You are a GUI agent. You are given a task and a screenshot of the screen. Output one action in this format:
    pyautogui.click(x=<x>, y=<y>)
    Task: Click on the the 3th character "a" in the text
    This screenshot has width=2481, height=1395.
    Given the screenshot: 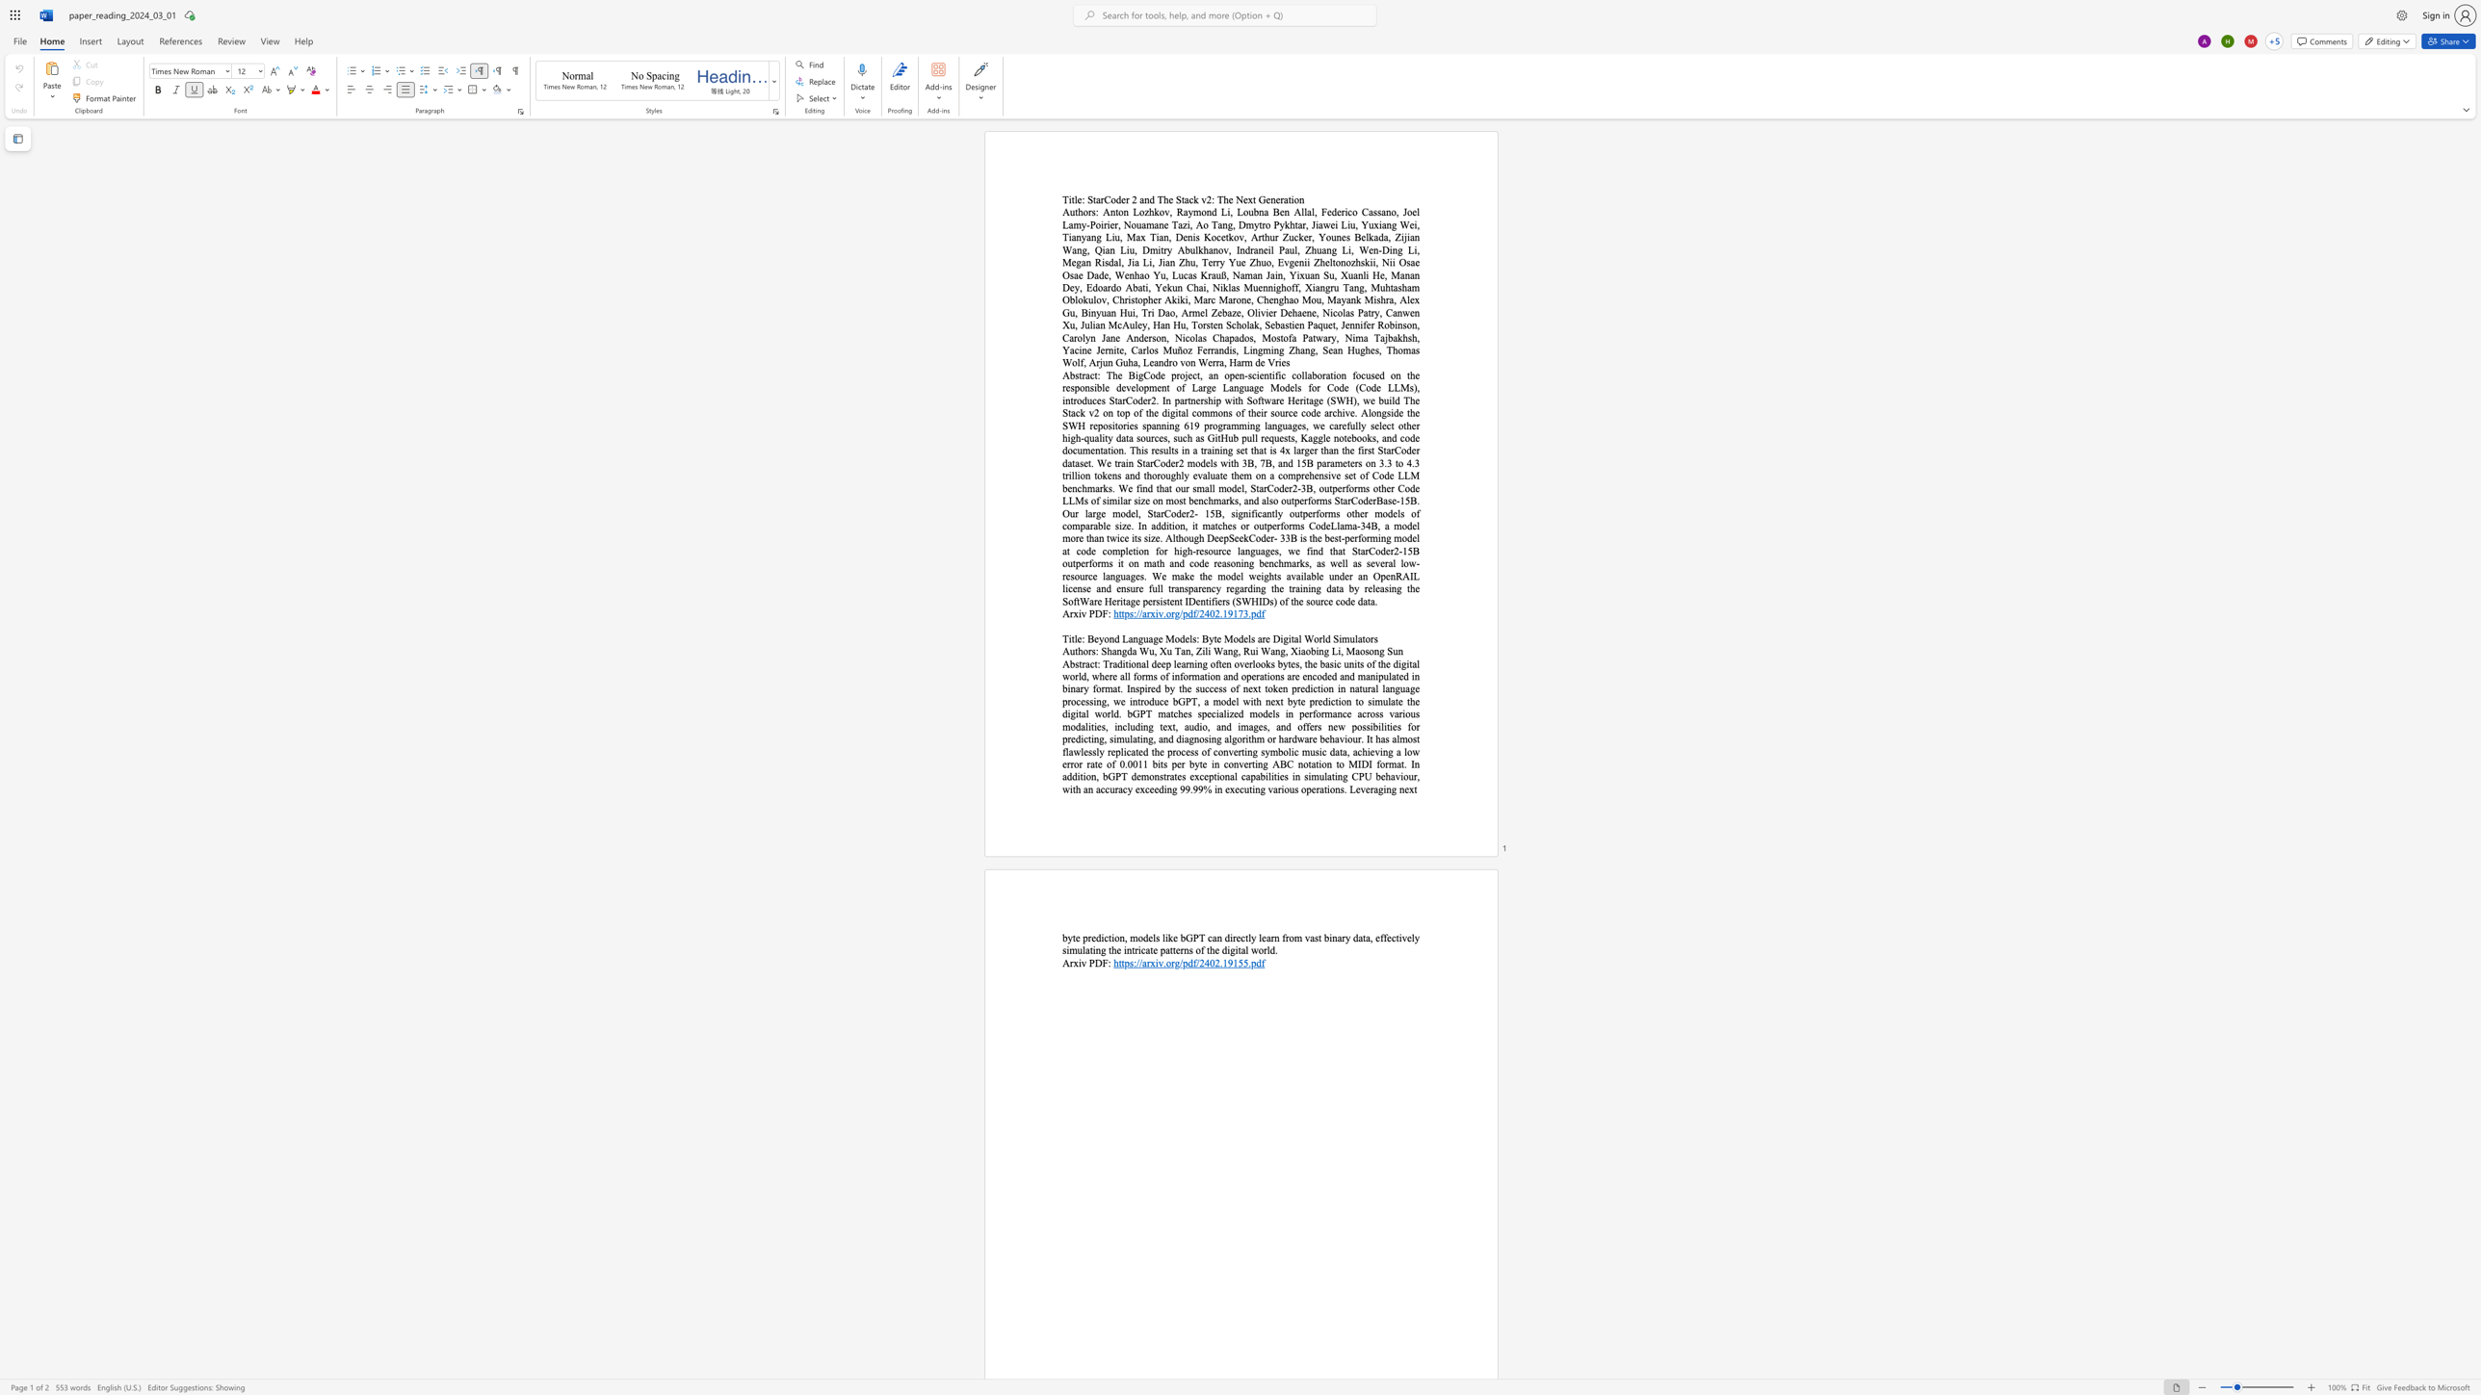 What is the action you would take?
    pyautogui.click(x=1260, y=638)
    